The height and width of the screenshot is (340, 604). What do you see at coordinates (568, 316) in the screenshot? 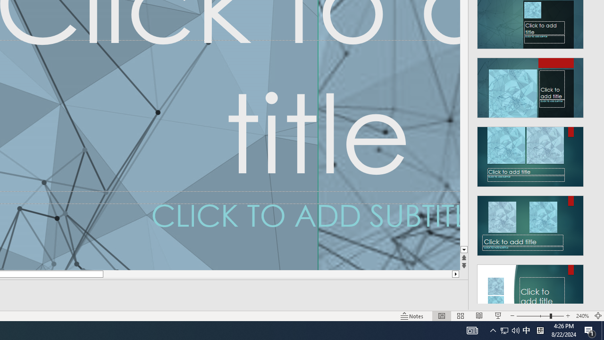
I see `'Zoom In'` at bounding box center [568, 316].